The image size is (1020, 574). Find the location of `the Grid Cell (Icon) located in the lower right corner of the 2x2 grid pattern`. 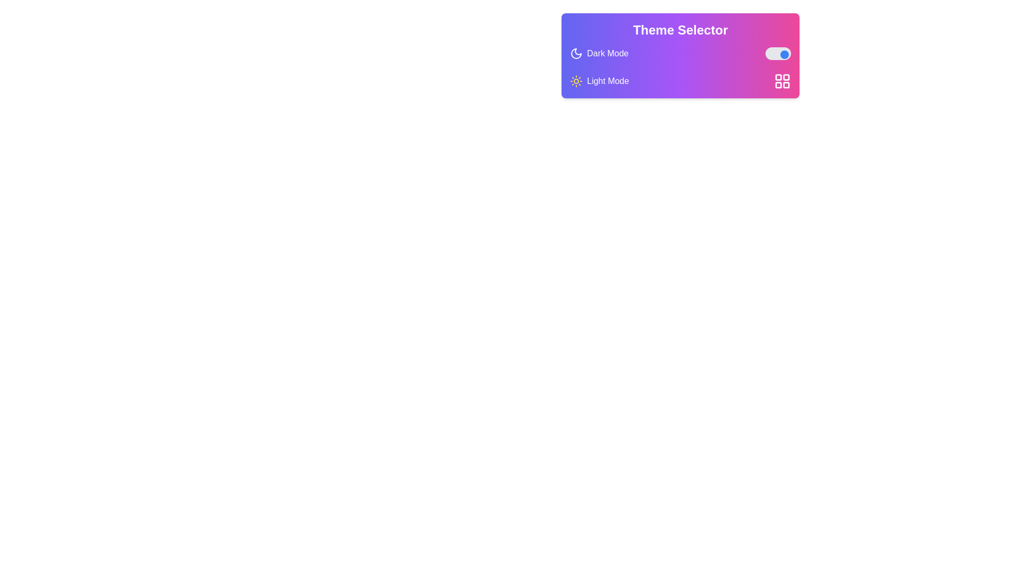

the Grid Cell (Icon) located in the lower right corner of the 2x2 grid pattern is located at coordinates (786, 85).